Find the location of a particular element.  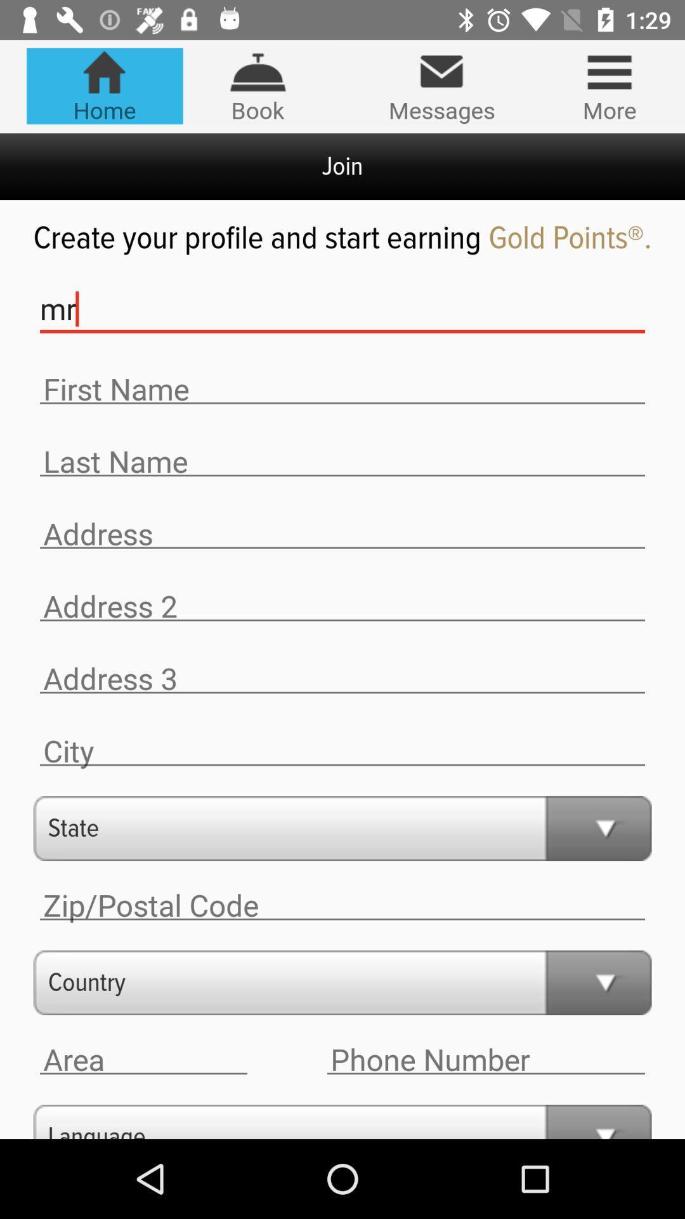

write address is located at coordinates (342, 678).